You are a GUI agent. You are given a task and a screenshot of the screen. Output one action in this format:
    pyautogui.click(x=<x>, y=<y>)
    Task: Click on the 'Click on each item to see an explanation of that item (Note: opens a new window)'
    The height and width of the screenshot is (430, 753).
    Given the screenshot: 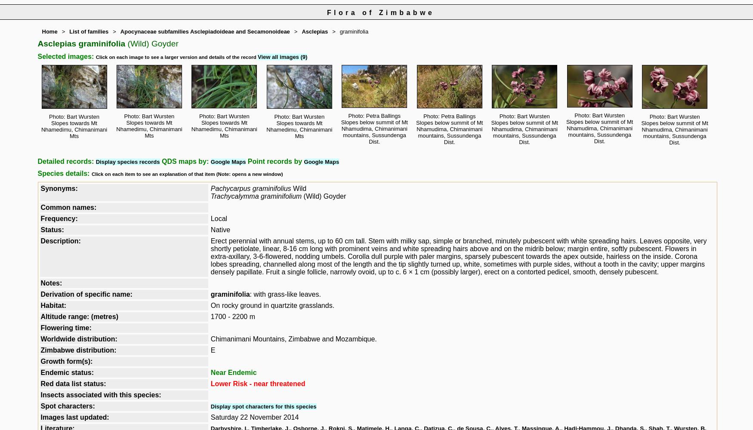 What is the action you would take?
    pyautogui.click(x=186, y=174)
    